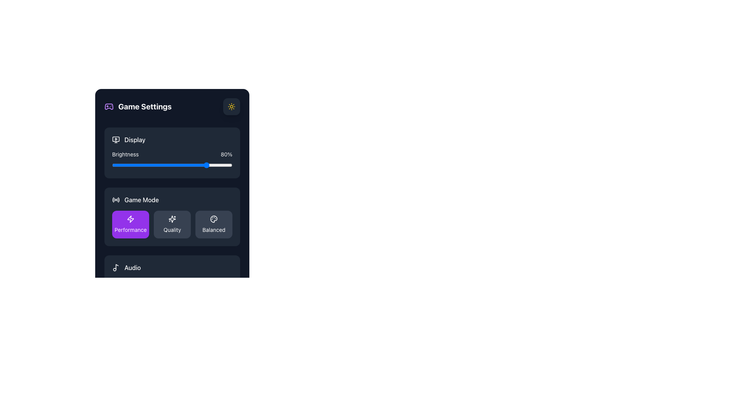 This screenshot has width=740, height=416. What do you see at coordinates (214, 230) in the screenshot?
I see `the text label displaying 'Balanced' in a gray font, located in the 'Game Mode' section below the palette icon` at bounding box center [214, 230].